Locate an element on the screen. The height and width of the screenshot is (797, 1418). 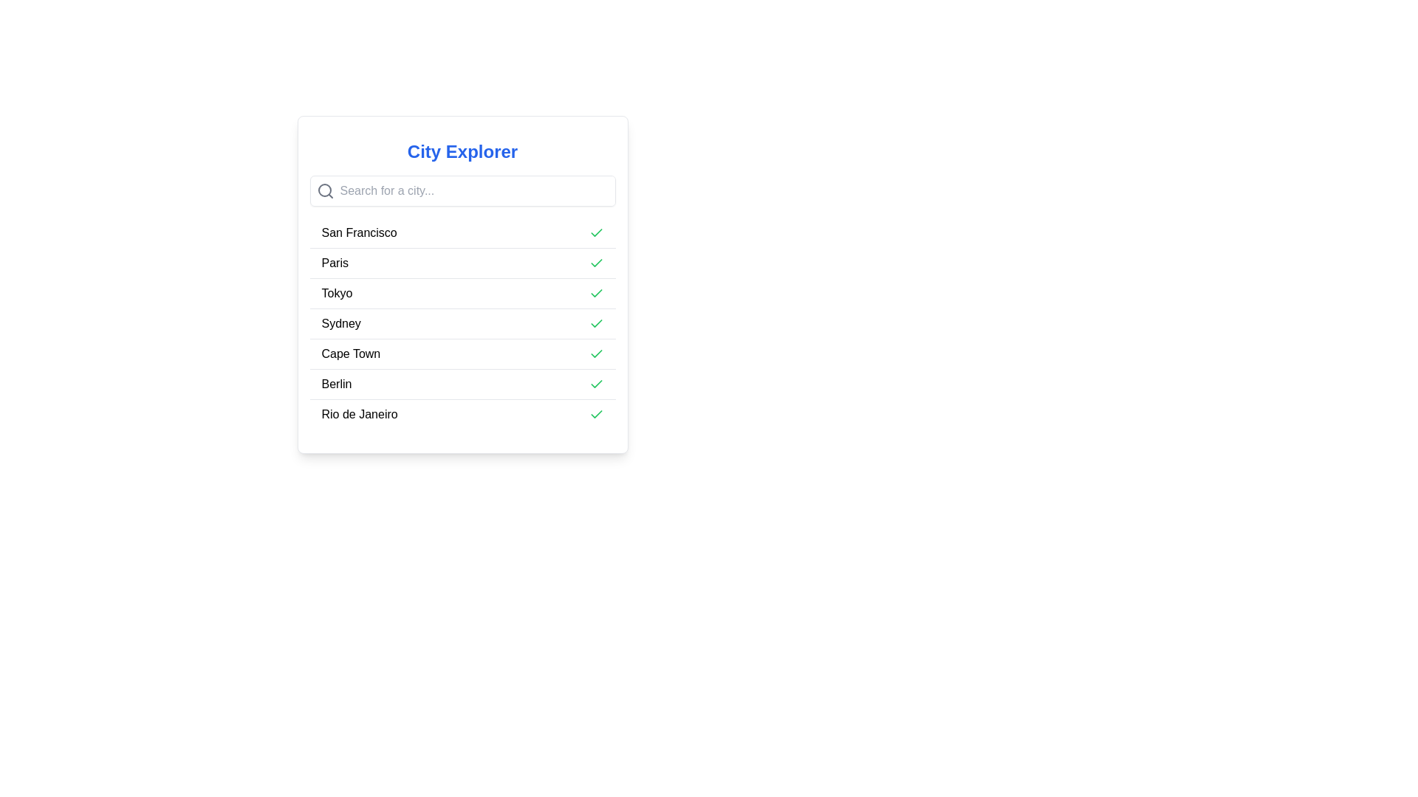
the green check mark icon indicating a confirmed status, located to the right of 'Rio de Janeiro' in the list is located at coordinates (596, 415).